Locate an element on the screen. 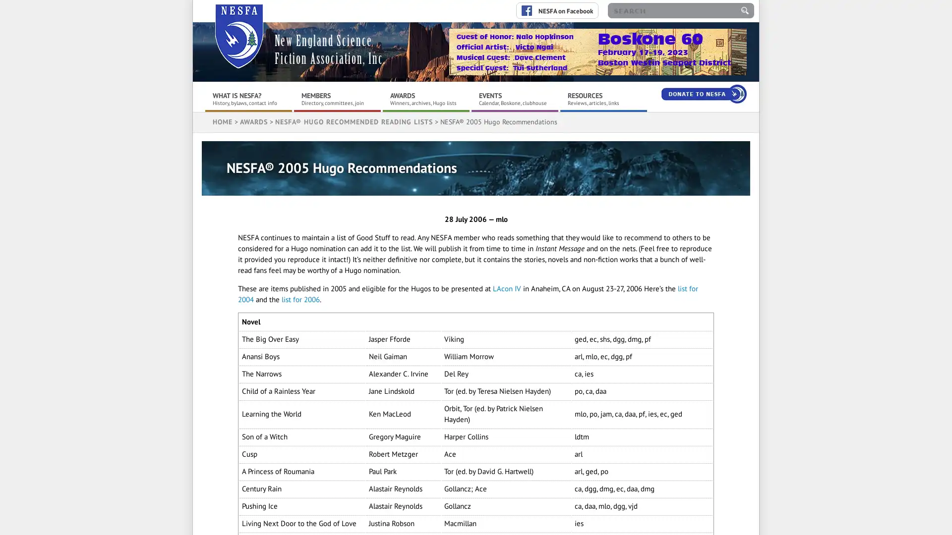 This screenshot has height=535, width=952. submit is located at coordinates (745, 10).